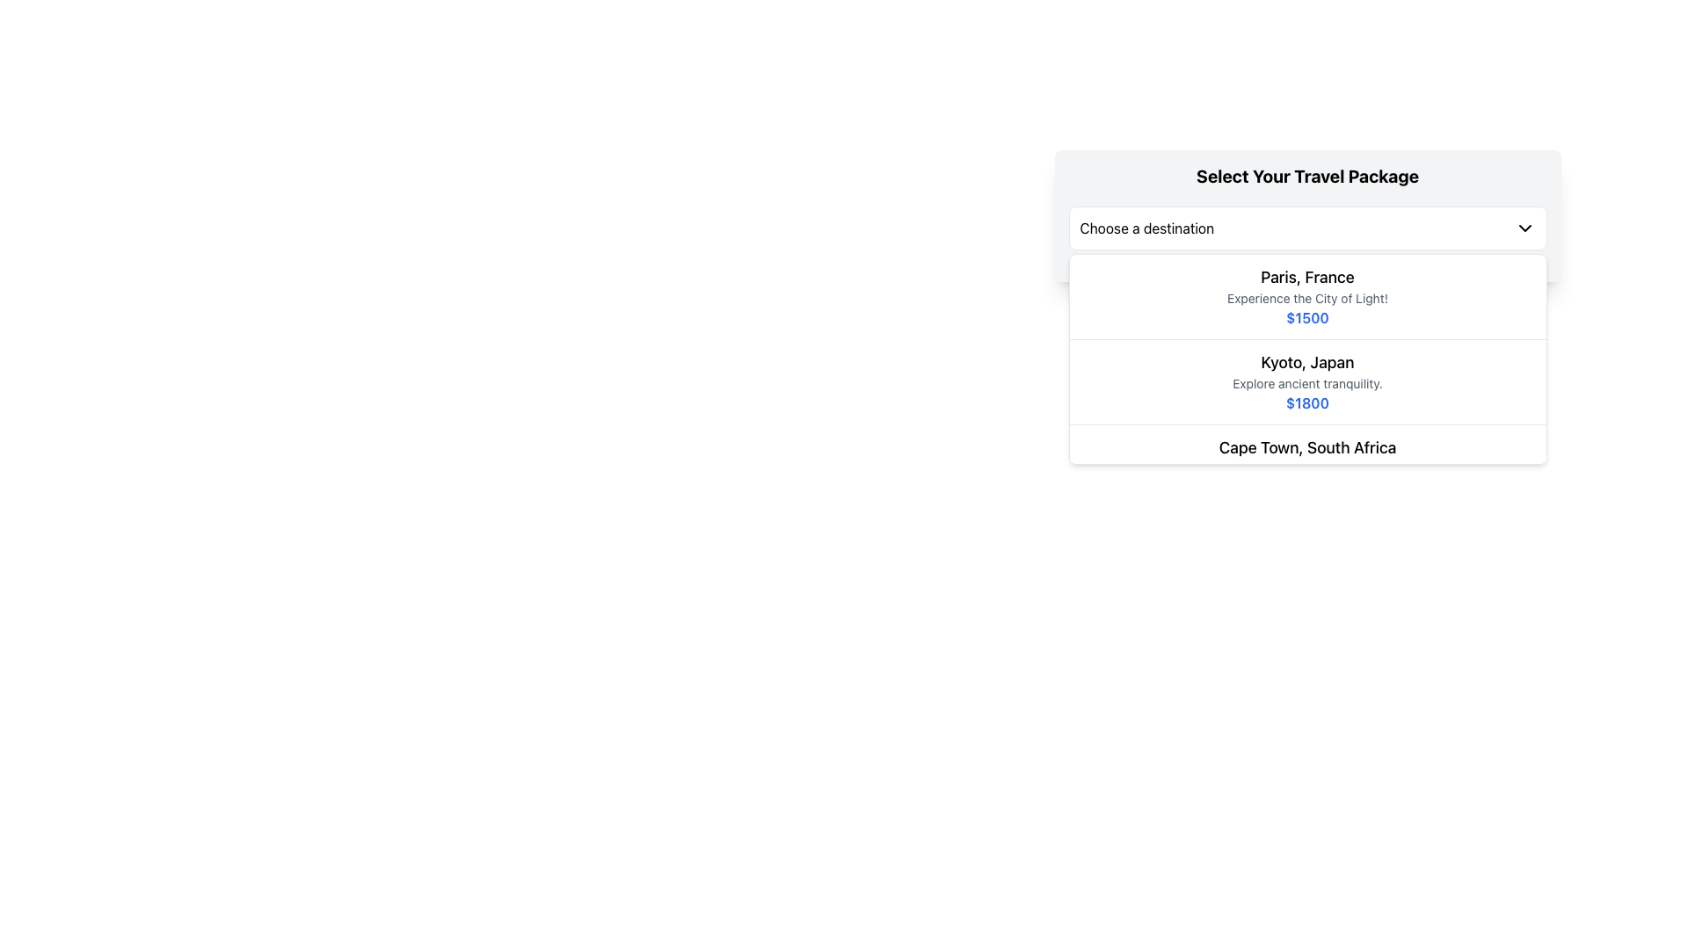 Image resolution: width=1688 pixels, height=949 pixels. I want to click on the descriptive text label providing information about the destination 'Kyoto, Japan', which is positioned below the destination name and above the price information, so click(1307, 382).